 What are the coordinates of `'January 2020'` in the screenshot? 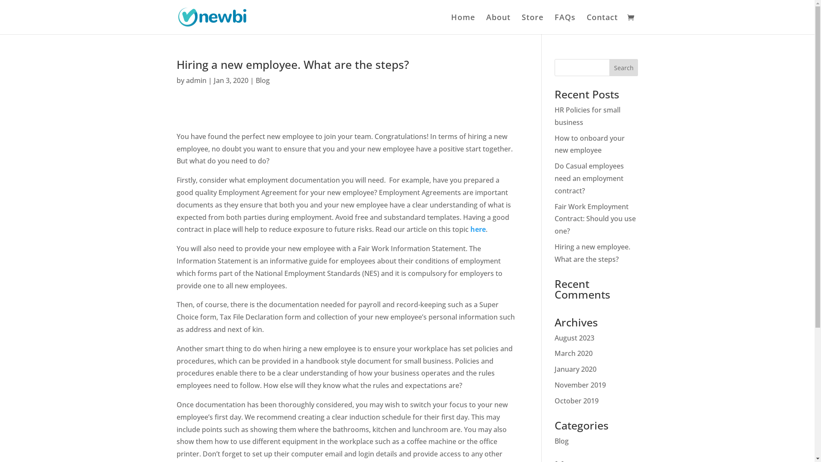 It's located at (575, 369).